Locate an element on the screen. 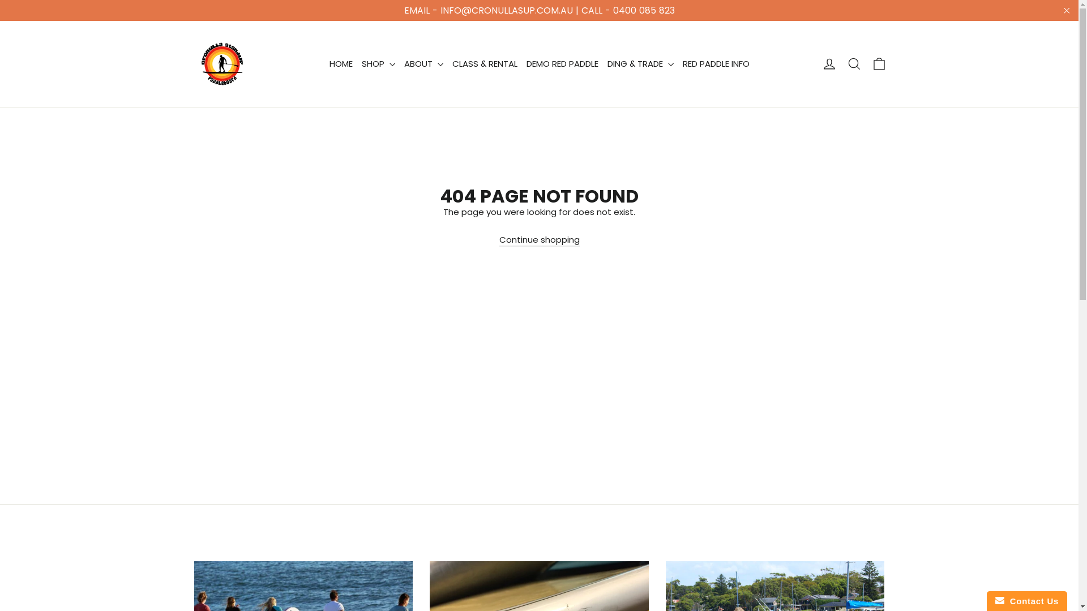 This screenshot has width=1087, height=611. 'Cart' is located at coordinates (878, 63).